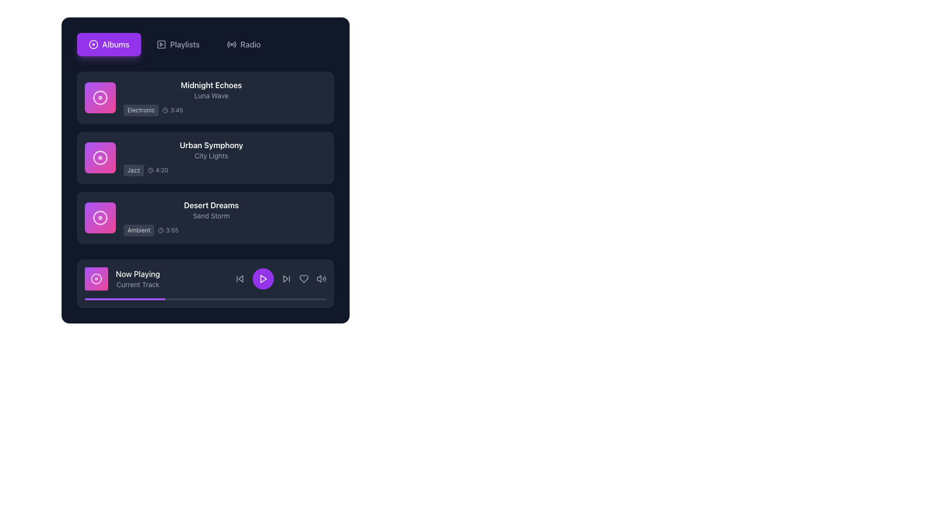  Describe the element at coordinates (240, 278) in the screenshot. I see `the backward skip button located at the far left of the media controls section to observe its hover effect` at that location.